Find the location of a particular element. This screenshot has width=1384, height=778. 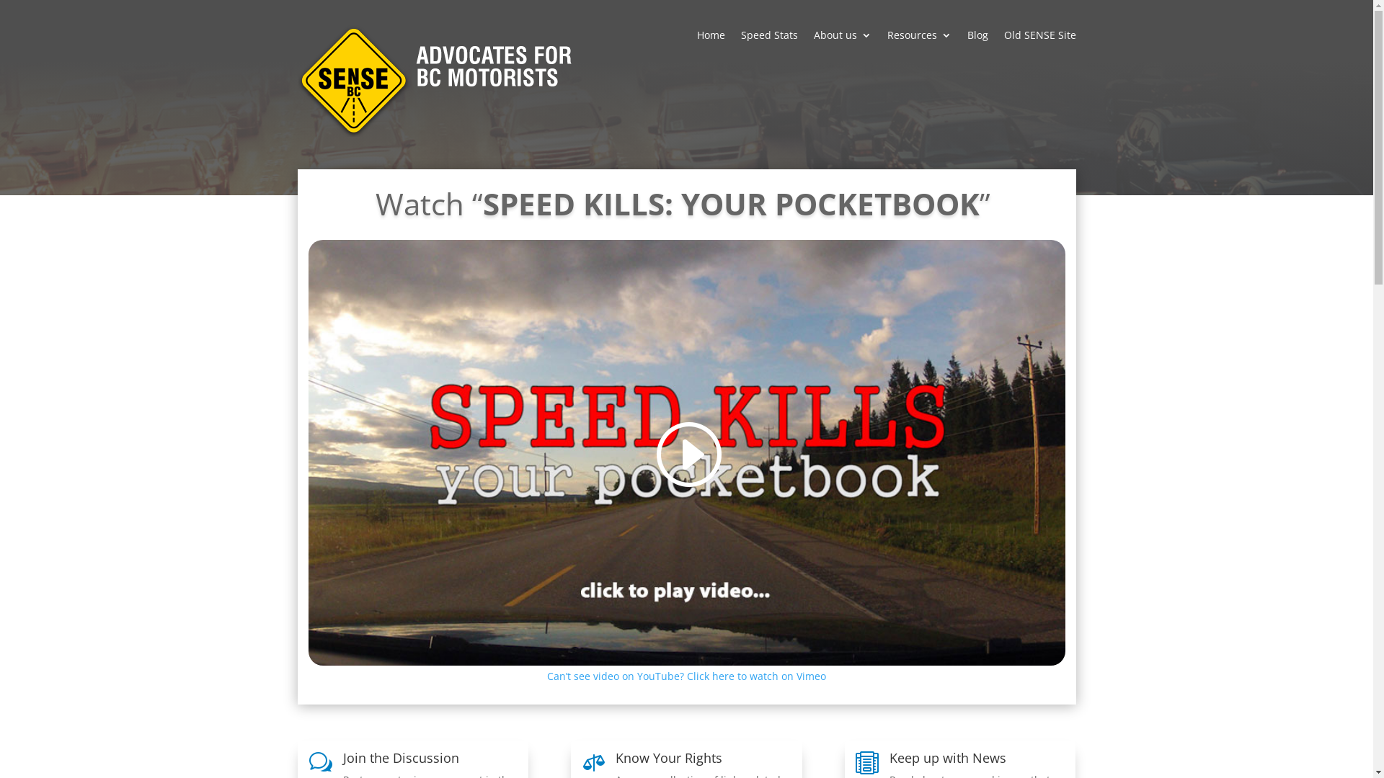

'Resources' is located at coordinates (918, 45).